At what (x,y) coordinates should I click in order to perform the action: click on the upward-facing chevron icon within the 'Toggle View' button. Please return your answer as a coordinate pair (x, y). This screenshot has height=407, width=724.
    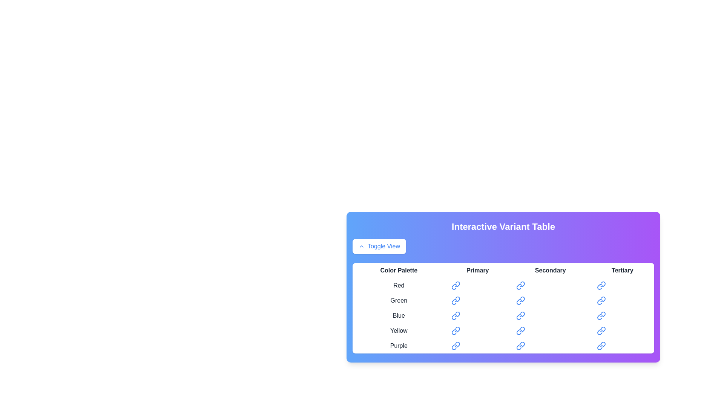
    Looking at the image, I should click on (361, 246).